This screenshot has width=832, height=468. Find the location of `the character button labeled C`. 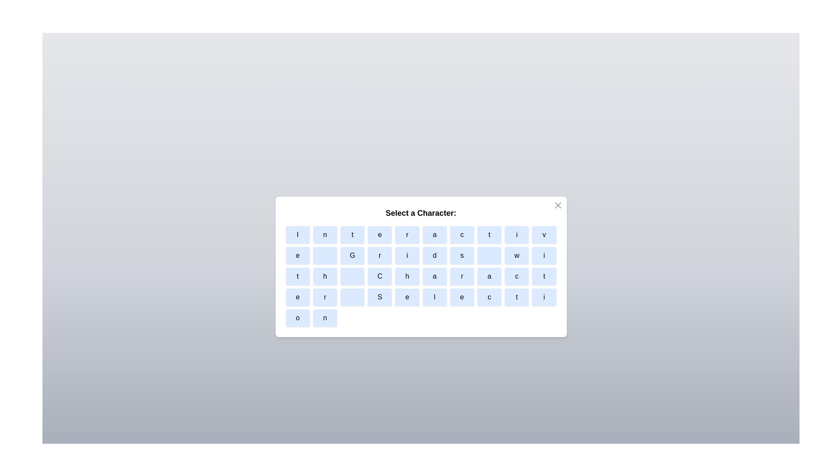

the character button labeled C is located at coordinates (380, 276).